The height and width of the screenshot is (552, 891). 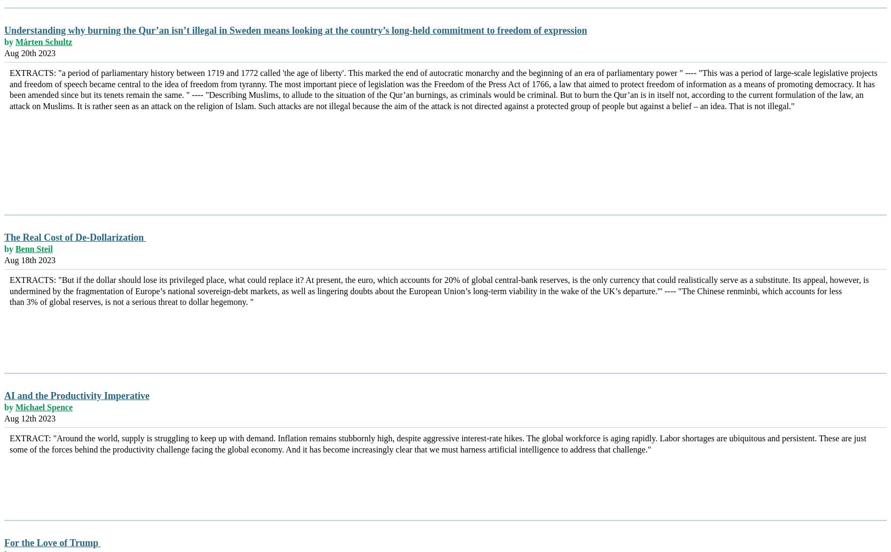 What do you see at coordinates (76, 395) in the screenshot?
I see `'AI and the Productivity Imperative'` at bounding box center [76, 395].